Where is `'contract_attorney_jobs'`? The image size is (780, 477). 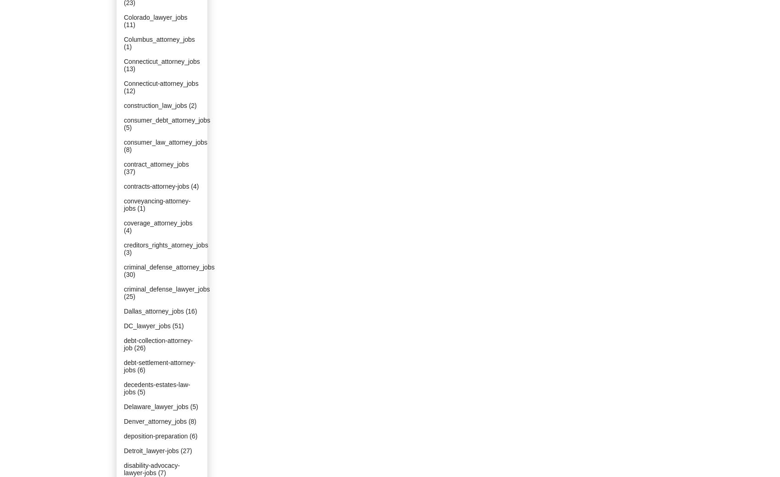 'contract_attorney_jobs' is located at coordinates (156, 164).